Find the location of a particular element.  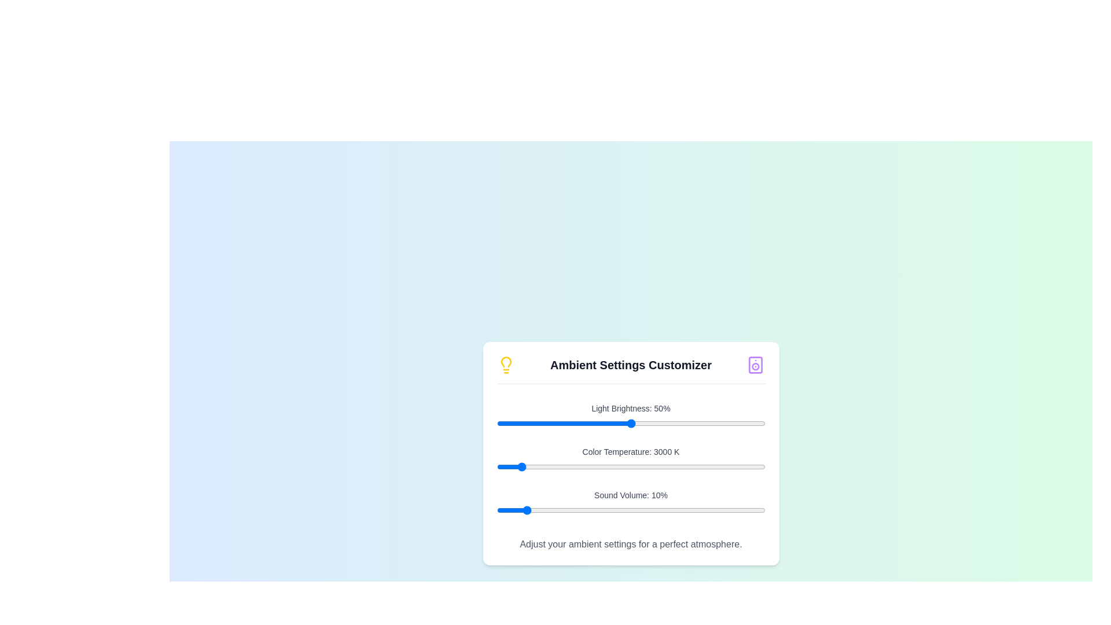

the Text label that serves as the header for ambient settings customization, located centrally between a yellow lightbulb icon and a purple speaker icon is located at coordinates (630, 365).